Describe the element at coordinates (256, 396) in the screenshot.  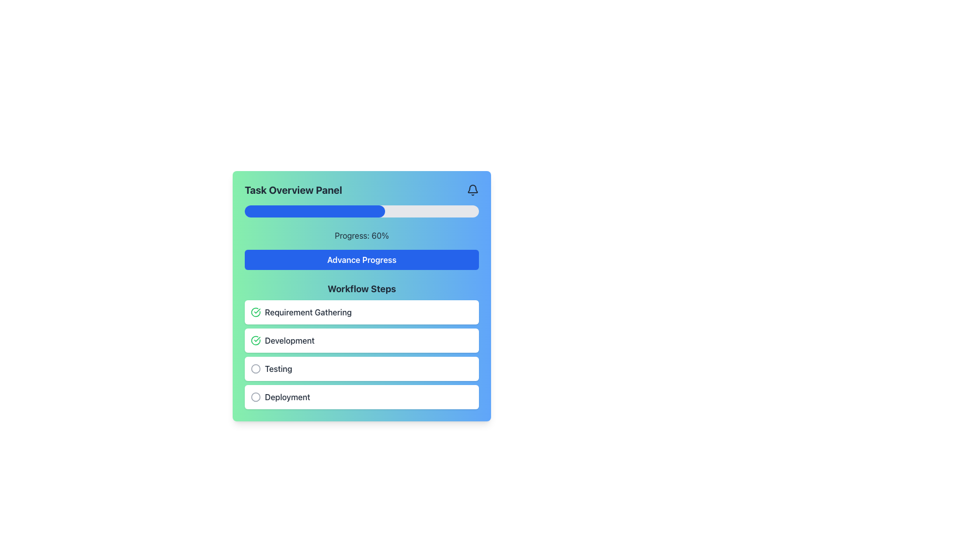
I see `the circular icon representing the 'Deployment' step located in the fourth row of the 'Workflow Steps' section, to the left of the text 'Deployment'` at that location.